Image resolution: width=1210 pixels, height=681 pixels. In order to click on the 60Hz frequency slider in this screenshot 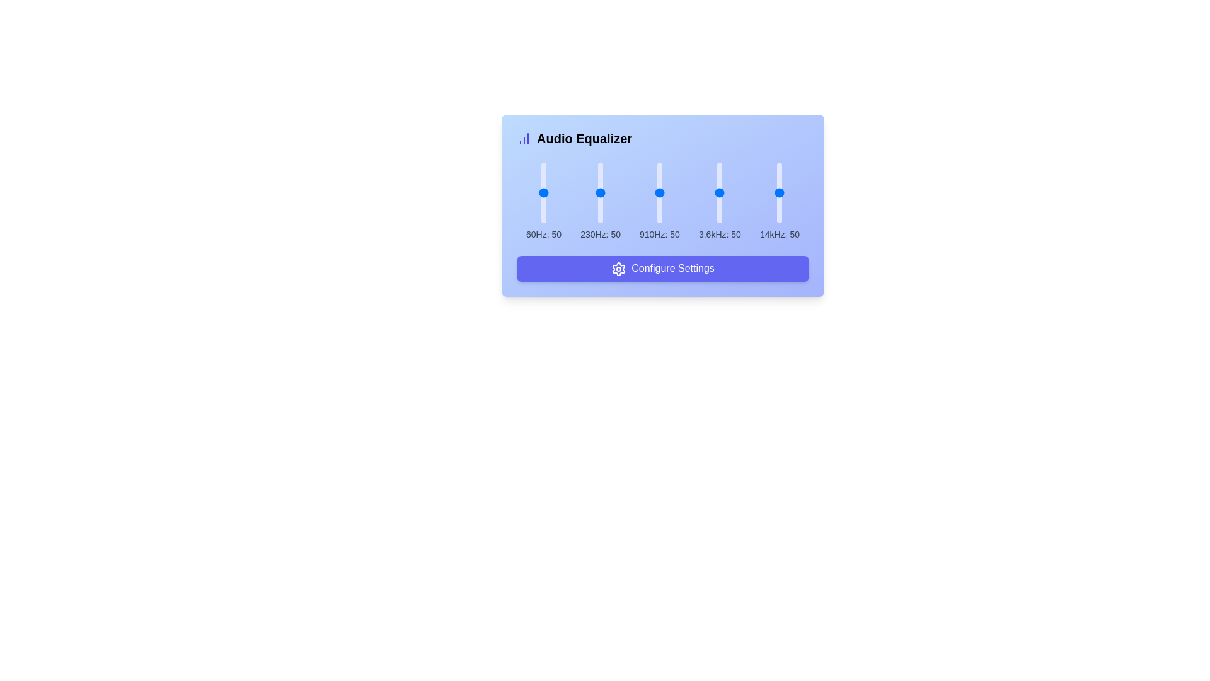, I will do `click(544, 173)`.